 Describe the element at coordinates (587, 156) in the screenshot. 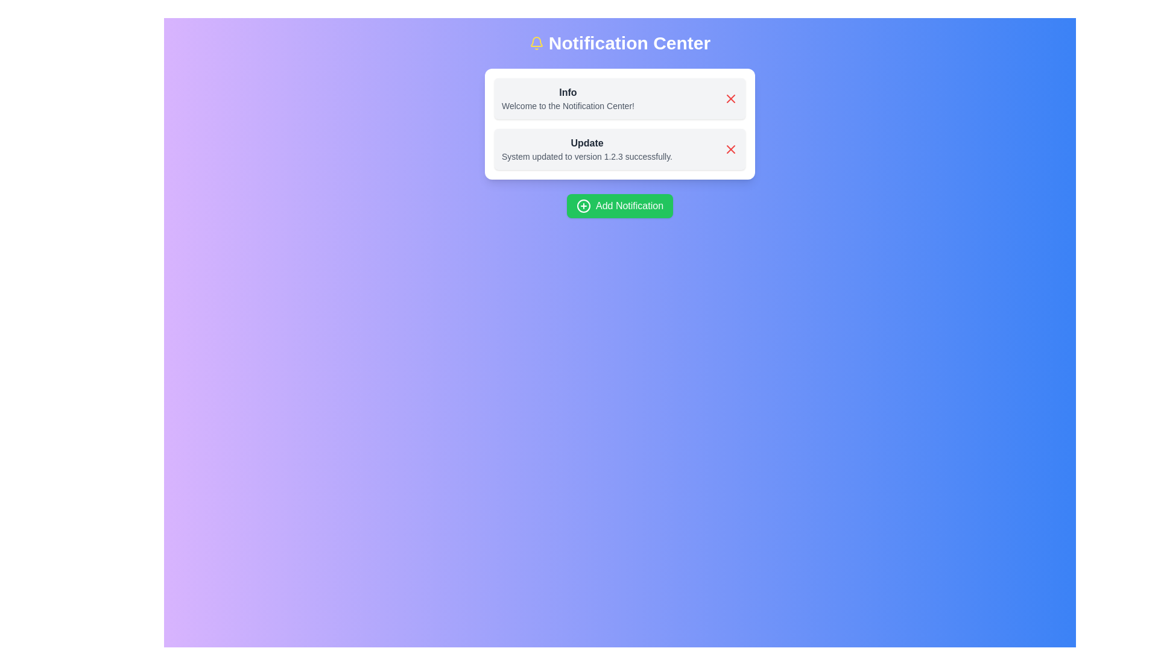

I see `the status message indicating the successful update of the system to version 1.2.3, located beneath the heading 'Update'` at that location.